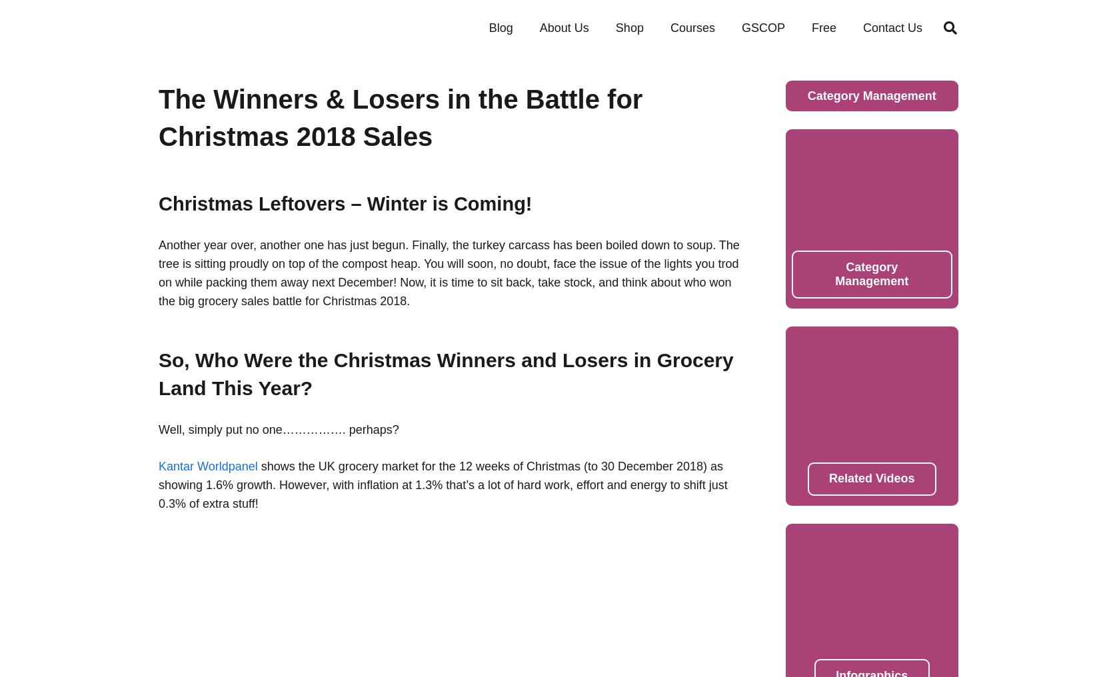 This screenshot has width=1117, height=677. What do you see at coordinates (500, 27) in the screenshot?
I see `'Blog'` at bounding box center [500, 27].